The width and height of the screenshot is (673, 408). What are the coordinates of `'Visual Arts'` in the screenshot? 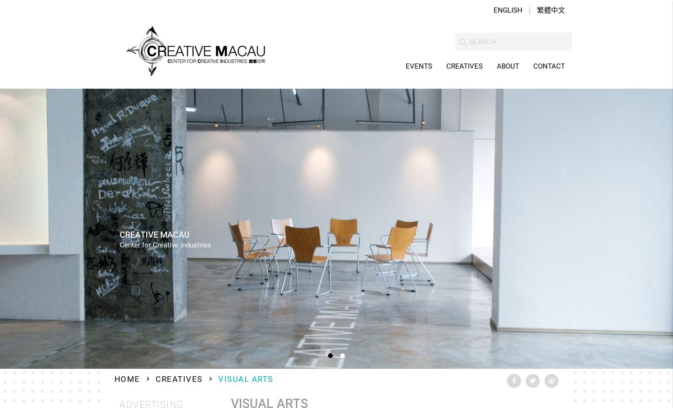 It's located at (245, 379).